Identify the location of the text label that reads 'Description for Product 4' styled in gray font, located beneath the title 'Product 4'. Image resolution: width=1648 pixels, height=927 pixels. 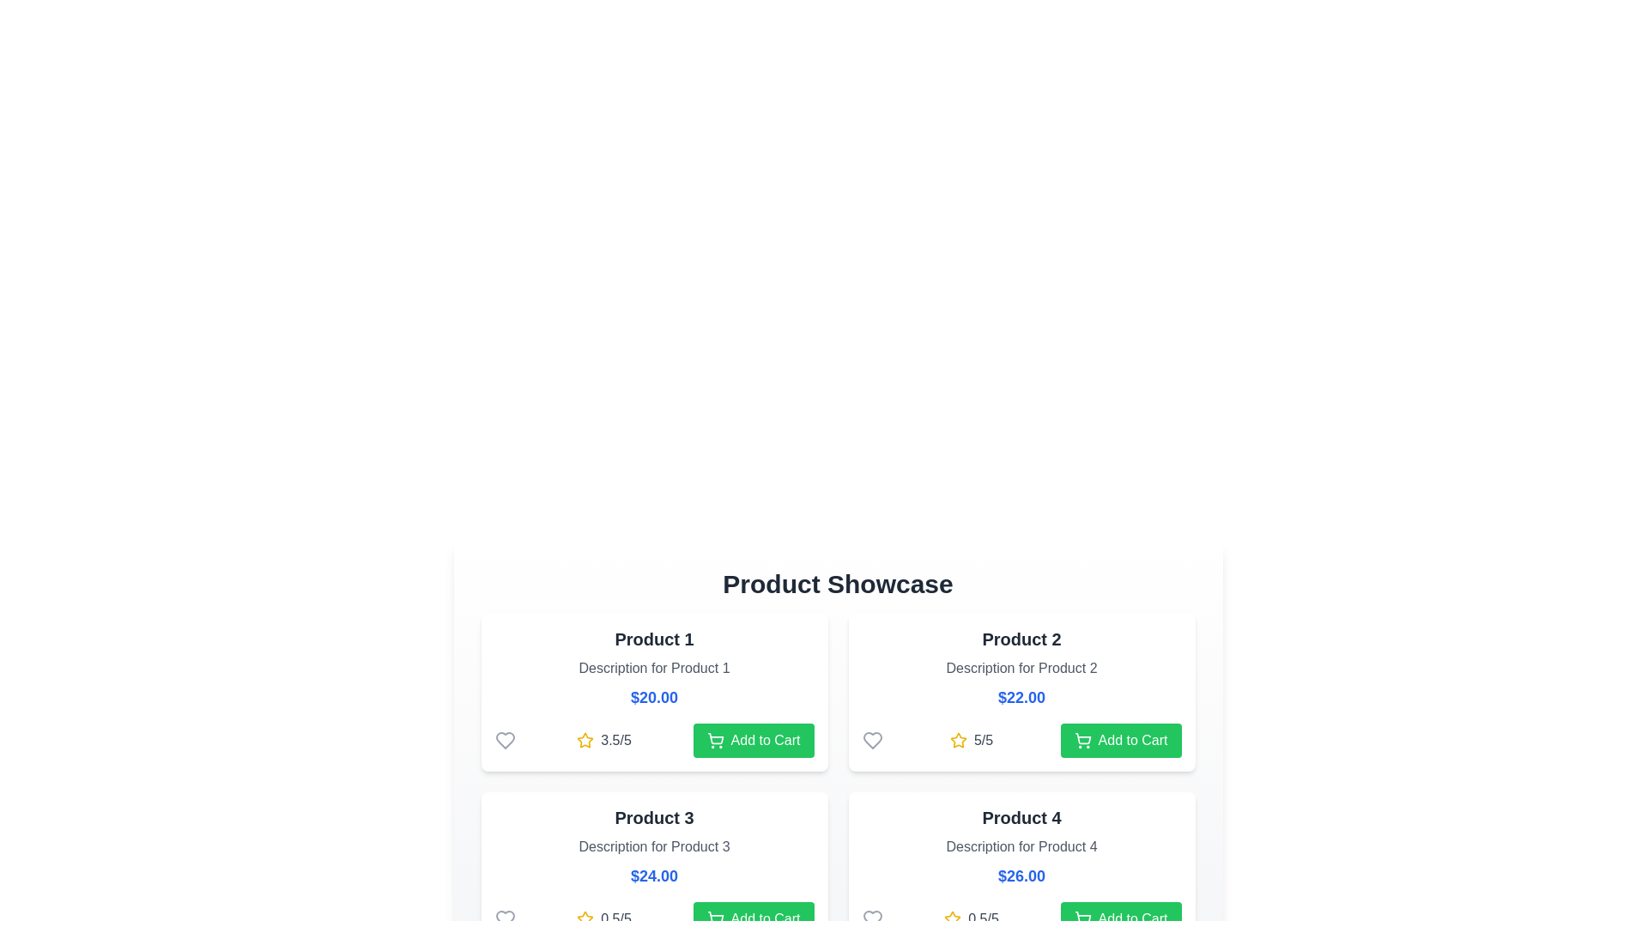
(1021, 846).